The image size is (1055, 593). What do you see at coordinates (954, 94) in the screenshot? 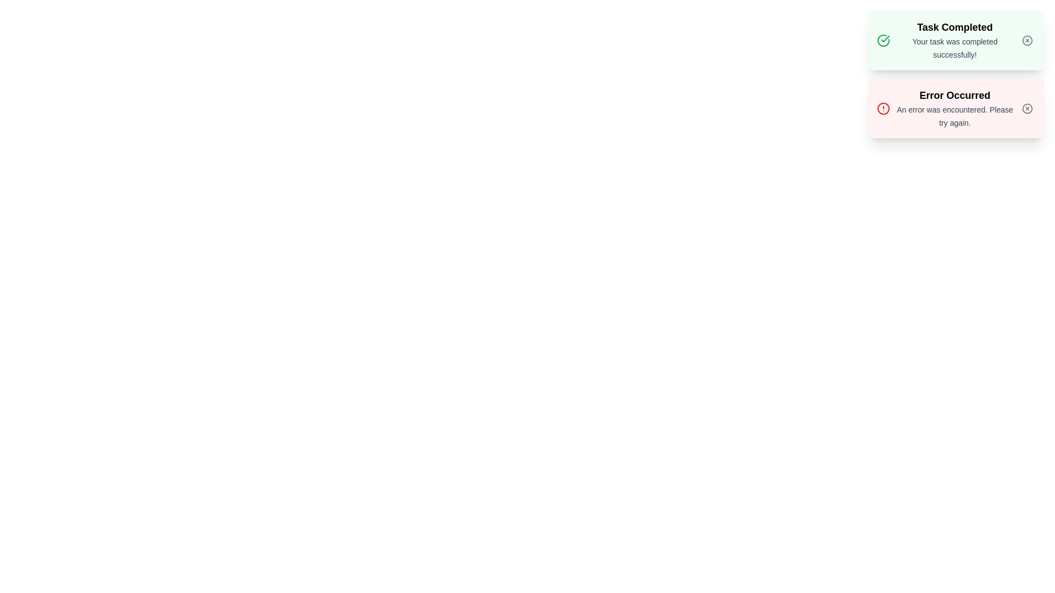
I see `the bold, large-sized text that reads 'Error Occurred', which is prominently displayed in black above a smaller message within a red-bordered alert card on the right side of the UI` at bounding box center [954, 94].